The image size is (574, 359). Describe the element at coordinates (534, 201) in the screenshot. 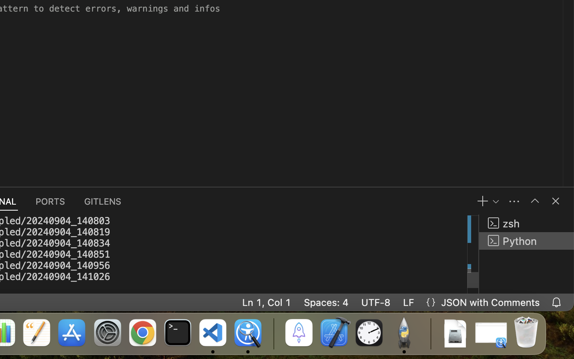

I see `''` at that location.